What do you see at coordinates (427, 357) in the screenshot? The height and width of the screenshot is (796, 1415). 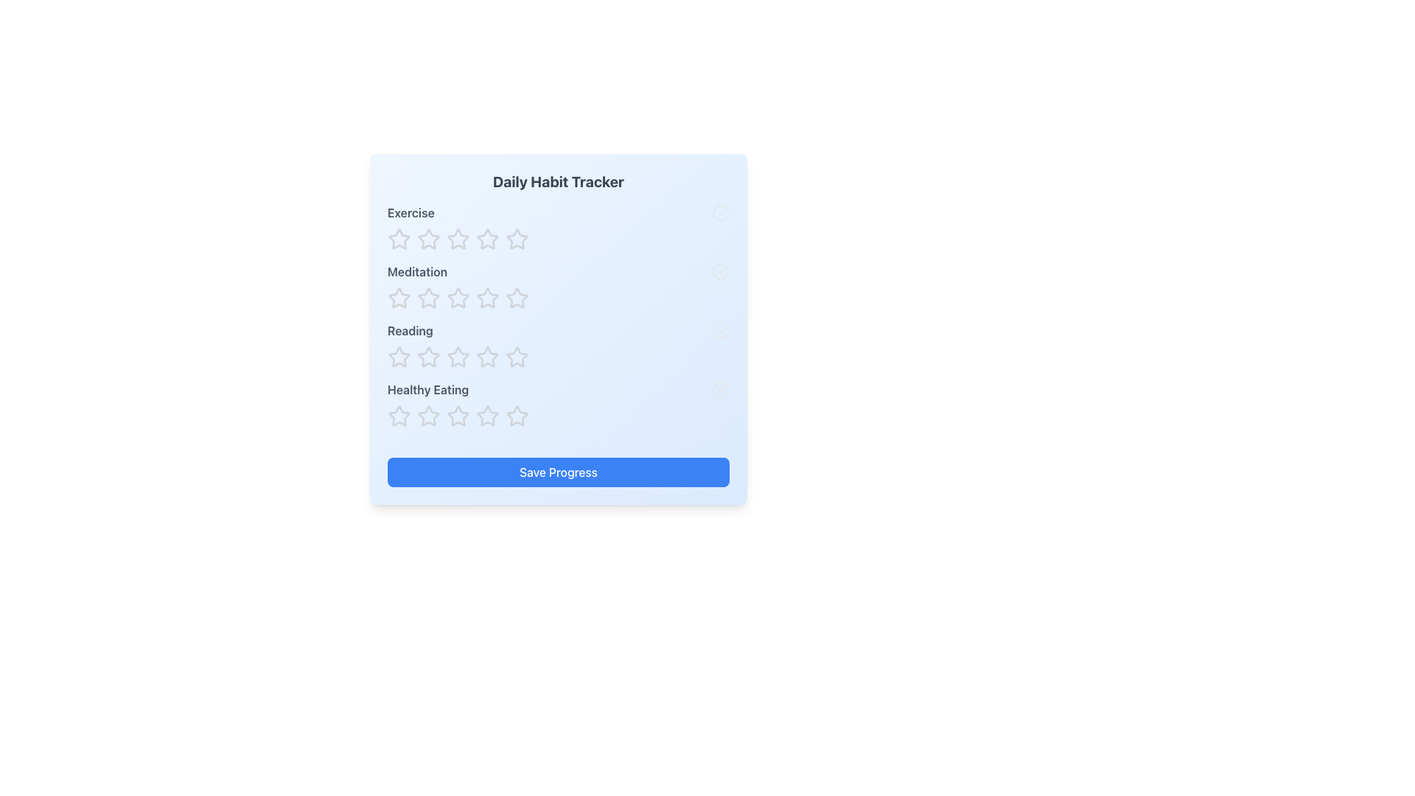 I see `the second star in the rating system under the 'Reading' category` at bounding box center [427, 357].